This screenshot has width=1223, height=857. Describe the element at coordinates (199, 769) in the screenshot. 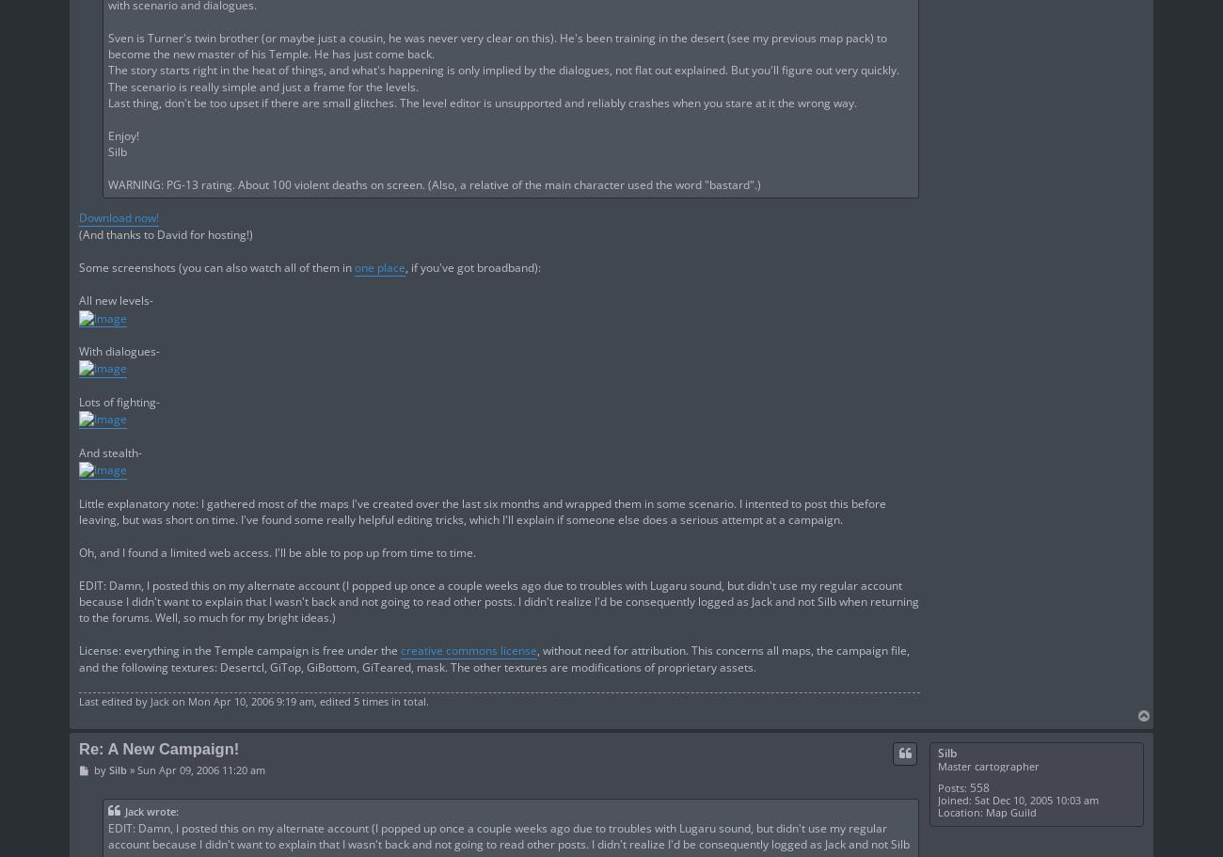

I see `'Sun Apr 09, 2006 11:20 am'` at that location.